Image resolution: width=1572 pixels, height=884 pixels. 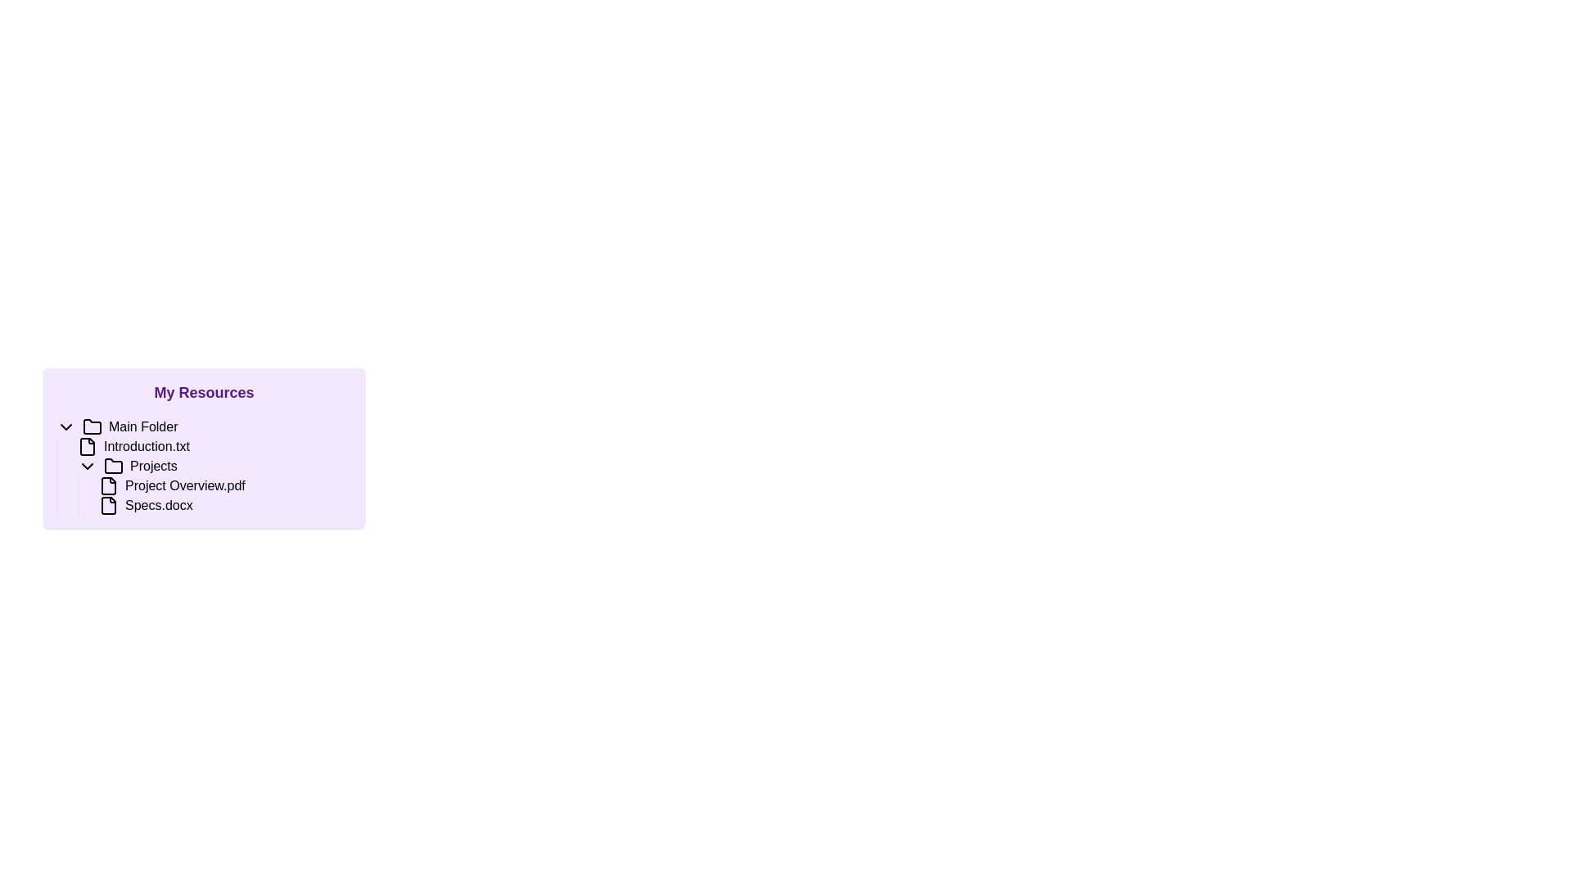 What do you see at coordinates (108, 504) in the screenshot?
I see `the document icon indicating 'Specs.docx' located on the left side of the entry under the 'Projects' folder in 'My Resources'` at bounding box center [108, 504].